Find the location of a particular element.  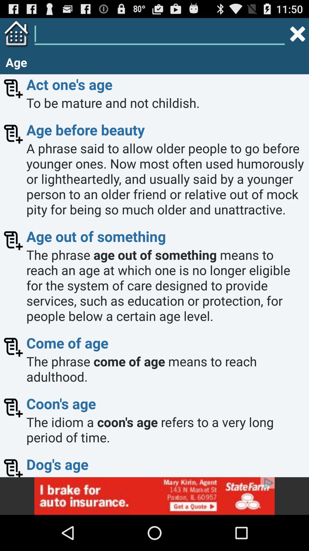

the home icon is located at coordinates (15, 36).